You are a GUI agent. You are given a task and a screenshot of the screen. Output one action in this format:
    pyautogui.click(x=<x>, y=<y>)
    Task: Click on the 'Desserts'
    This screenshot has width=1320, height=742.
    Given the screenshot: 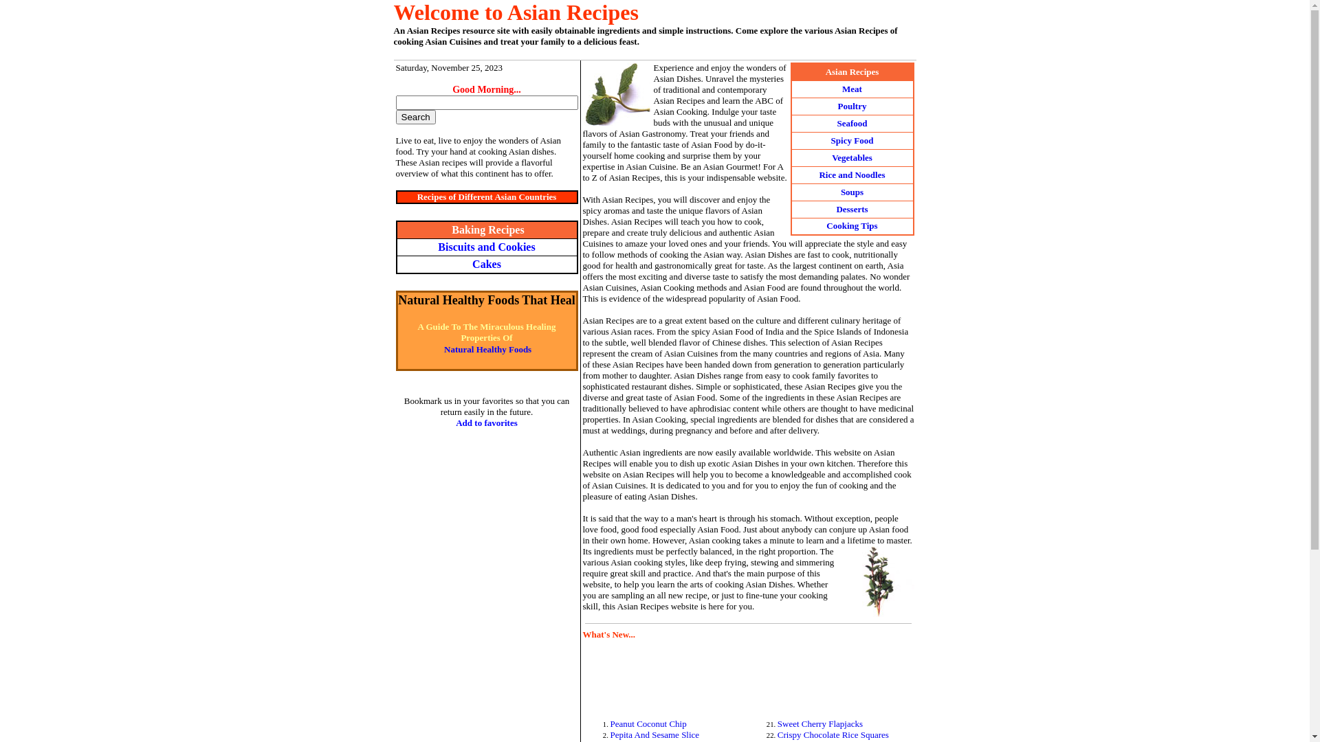 What is the action you would take?
    pyautogui.click(x=850, y=208)
    